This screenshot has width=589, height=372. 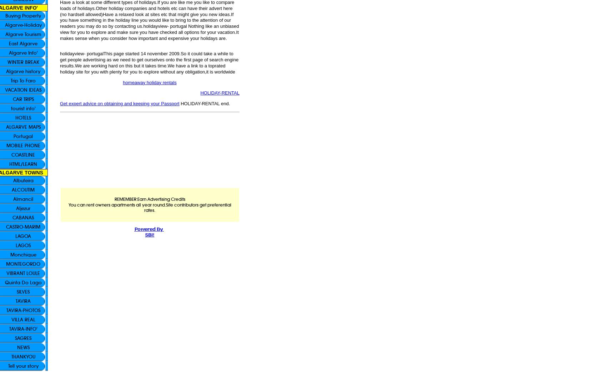 I want to click on 'Aljezur', so click(x=23, y=208).